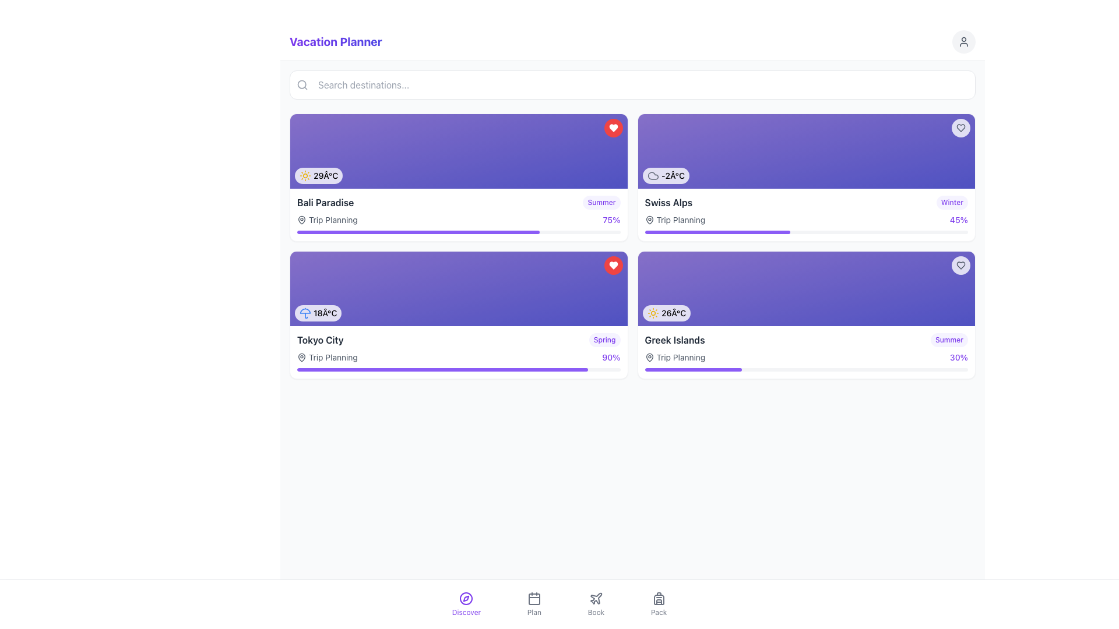 The height and width of the screenshot is (629, 1119). What do you see at coordinates (466, 599) in the screenshot?
I see `the SVG Circle element that forms the central part of the compass icon in the bottom navigation bar of the application` at bounding box center [466, 599].